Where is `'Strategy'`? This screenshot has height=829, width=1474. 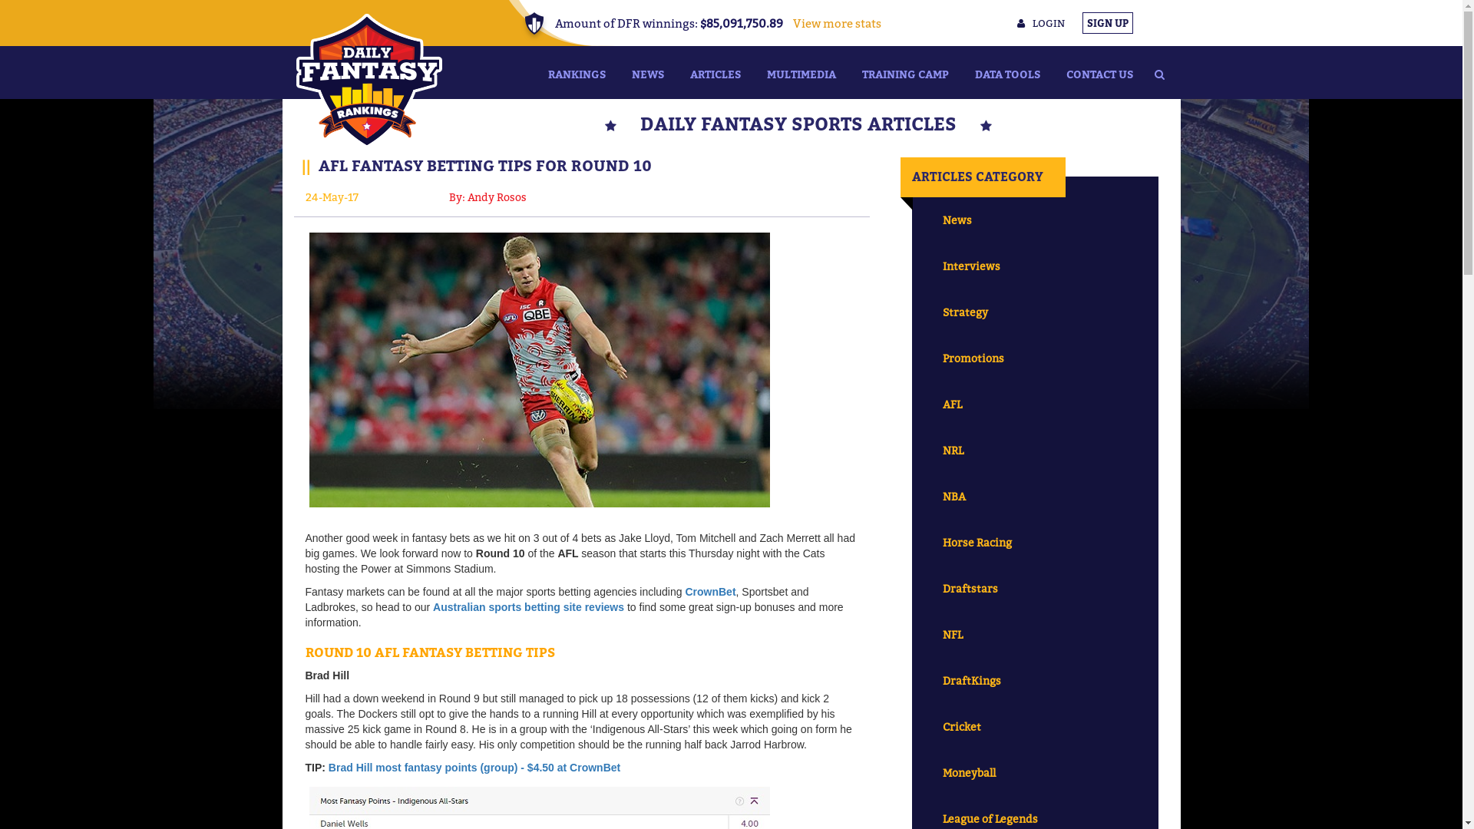
'Strategy' is located at coordinates (1035, 312).